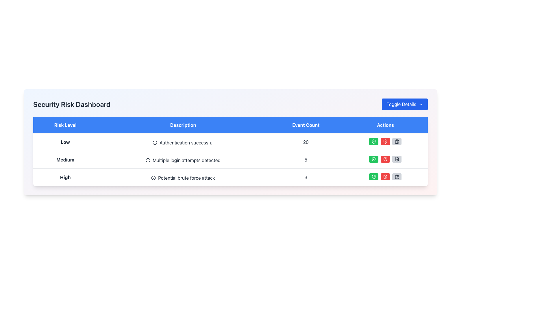 The width and height of the screenshot is (555, 312). I want to click on the green button with a shield and checkmark icon located in the 'Actions' column of the second row, corresponding to 'Medium' risk level, so click(374, 159).